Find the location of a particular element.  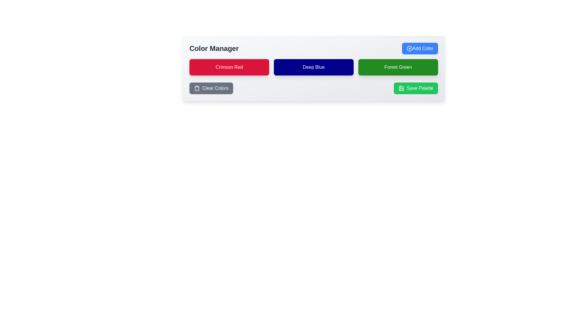

the SVG save icon located on the green 'Save Palette' button in the bottom-right corner of the interface panel is located at coordinates (401, 88).